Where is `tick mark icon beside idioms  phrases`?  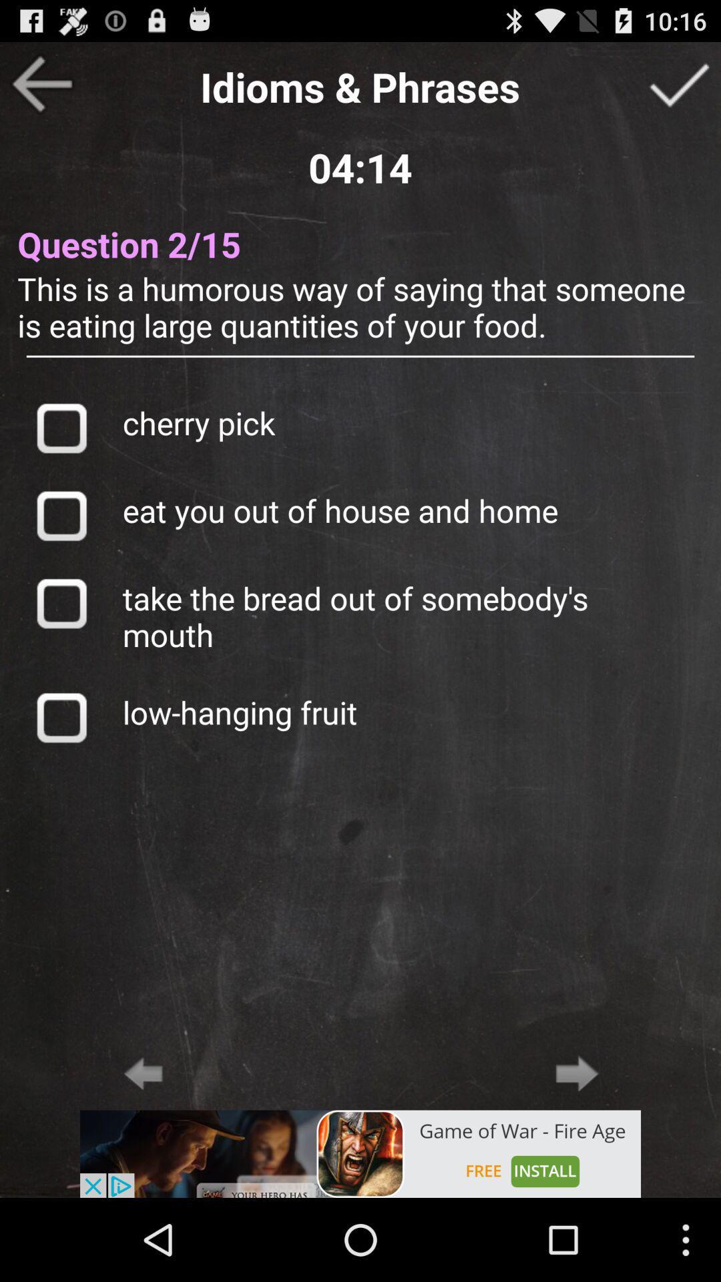 tick mark icon beside idioms  phrases is located at coordinates (679, 83).